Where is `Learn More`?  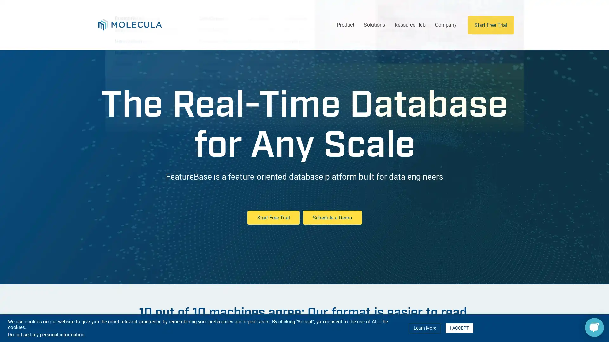 Learn More is located at coordinates (425, 328).